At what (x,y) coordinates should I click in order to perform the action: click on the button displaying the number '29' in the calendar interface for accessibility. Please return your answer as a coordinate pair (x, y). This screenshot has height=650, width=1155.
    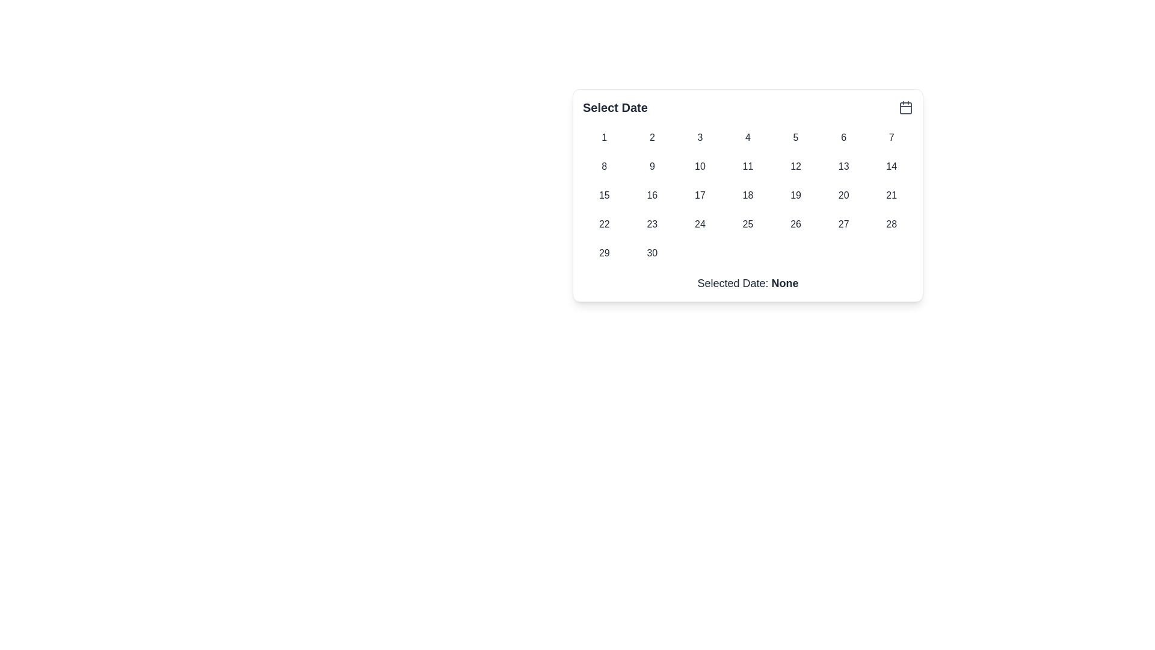
    Looking at the image, I should click on (604, 252).